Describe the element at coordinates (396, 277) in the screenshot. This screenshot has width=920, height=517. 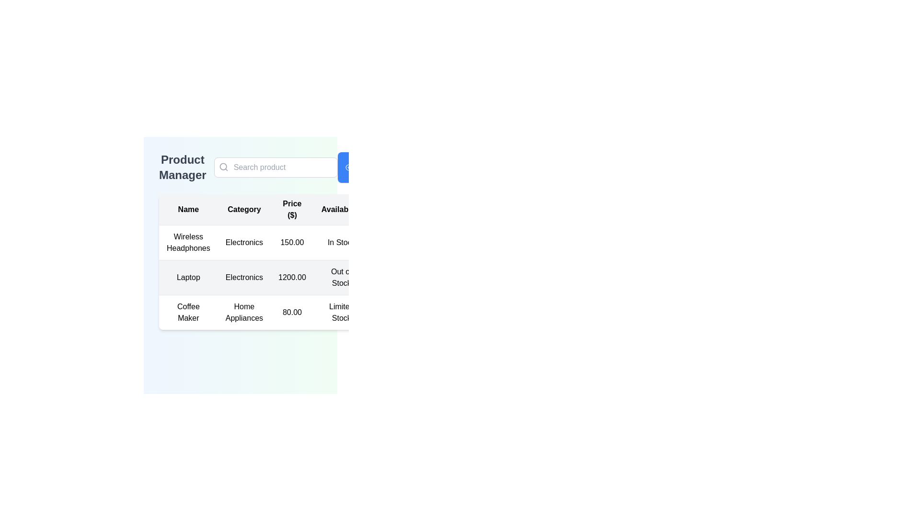
I see `the empty table cell in the row associated with the product 'Laptop', which is styled with padding and centered alignment, located to the right of the 'Out of Stock' cell in the 'Product Manager' interface` at that location.